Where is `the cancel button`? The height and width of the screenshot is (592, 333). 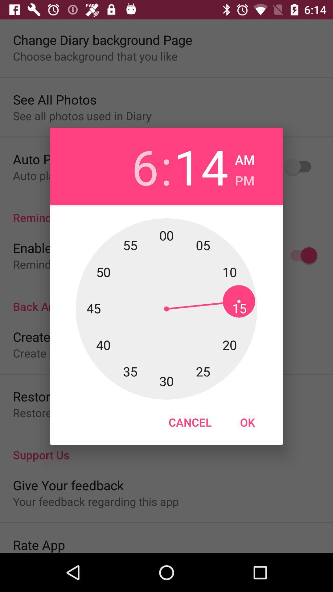 the cancel button is located at coordinates (190, 422).